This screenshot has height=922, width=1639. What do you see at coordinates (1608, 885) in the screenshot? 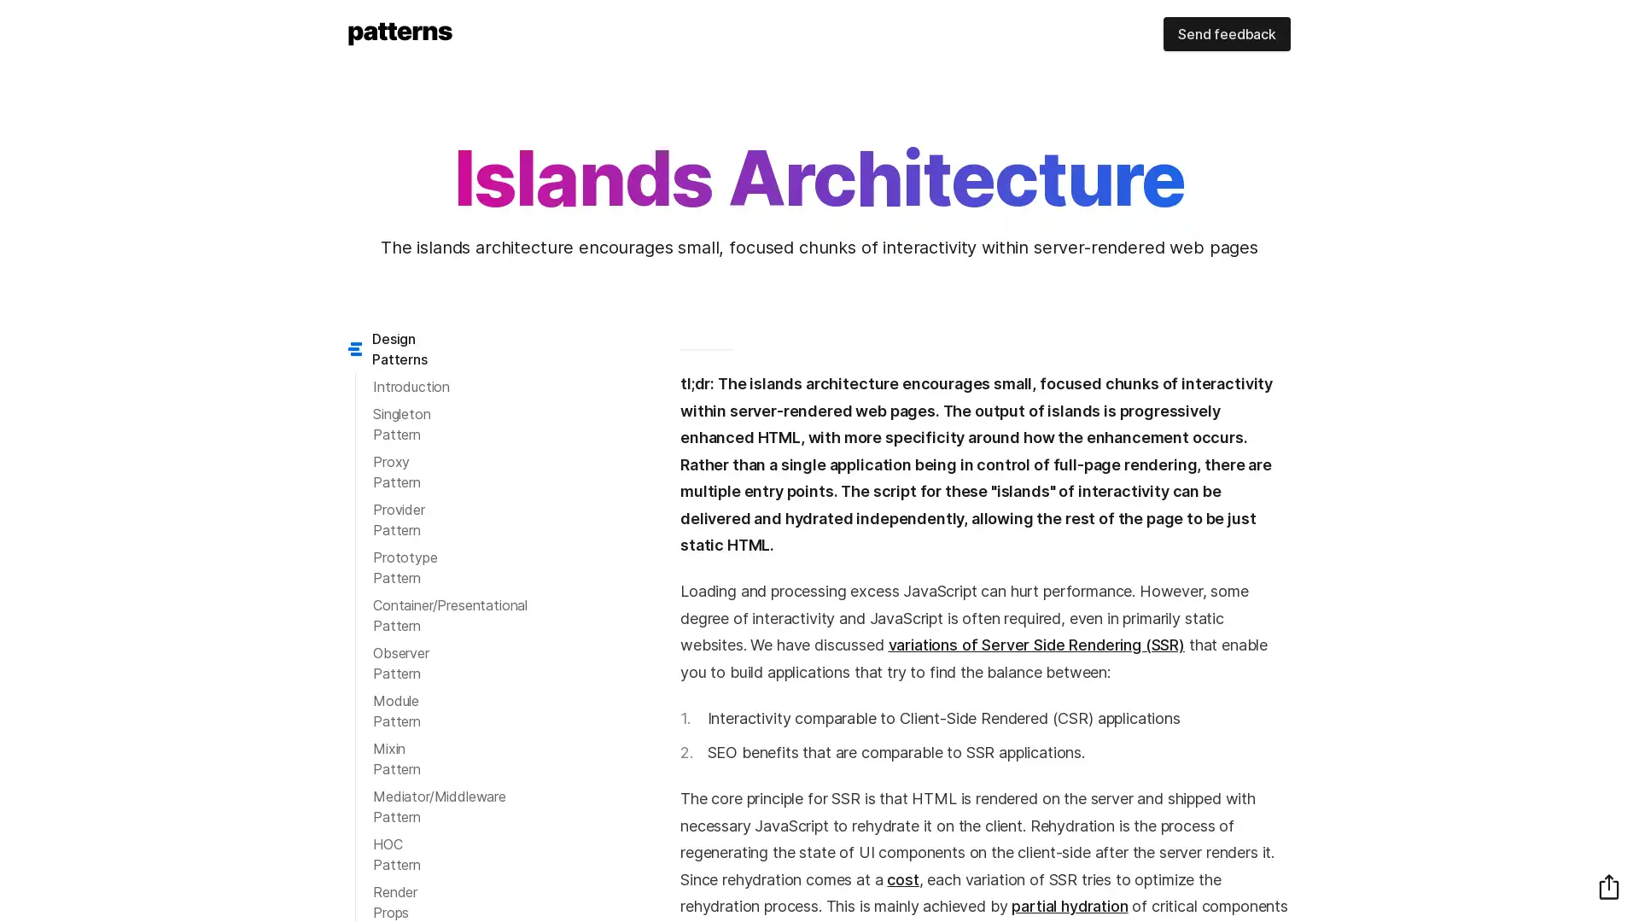
I see `Share` at bounding box center [1608, 885].